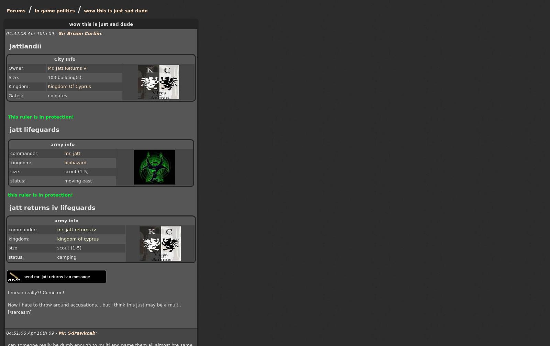 Image resolution: width=550 pixels, height=346 pixels. Describe the element at coordinates (35, 292) in the screenshot. I see `'I mean really?! Come on!'` at that location.